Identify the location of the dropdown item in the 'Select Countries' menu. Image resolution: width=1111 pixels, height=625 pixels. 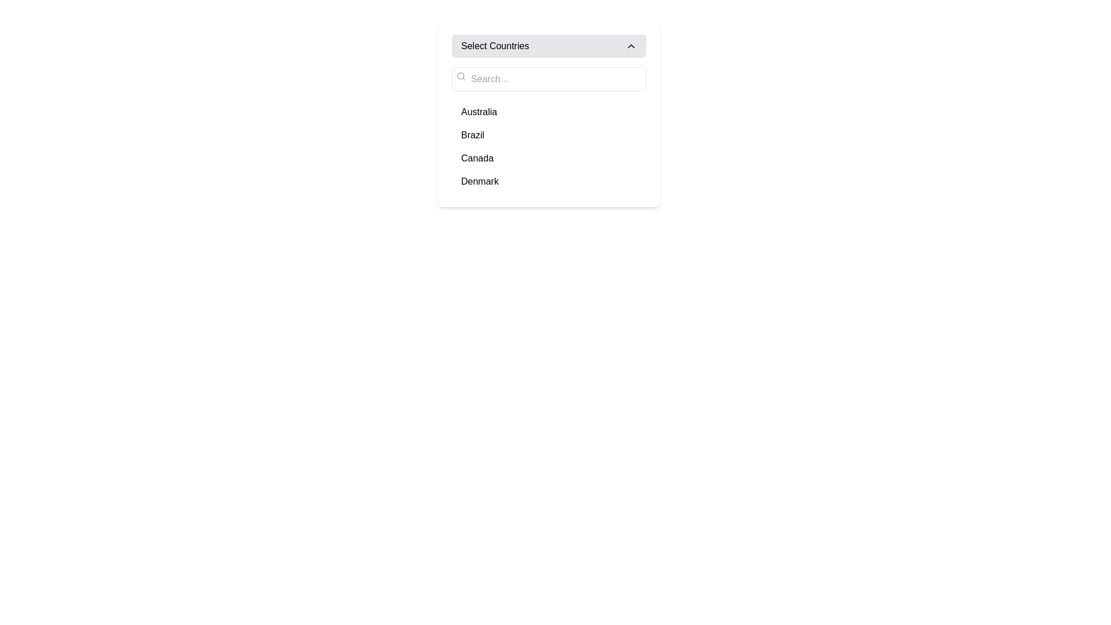
(549, 130).